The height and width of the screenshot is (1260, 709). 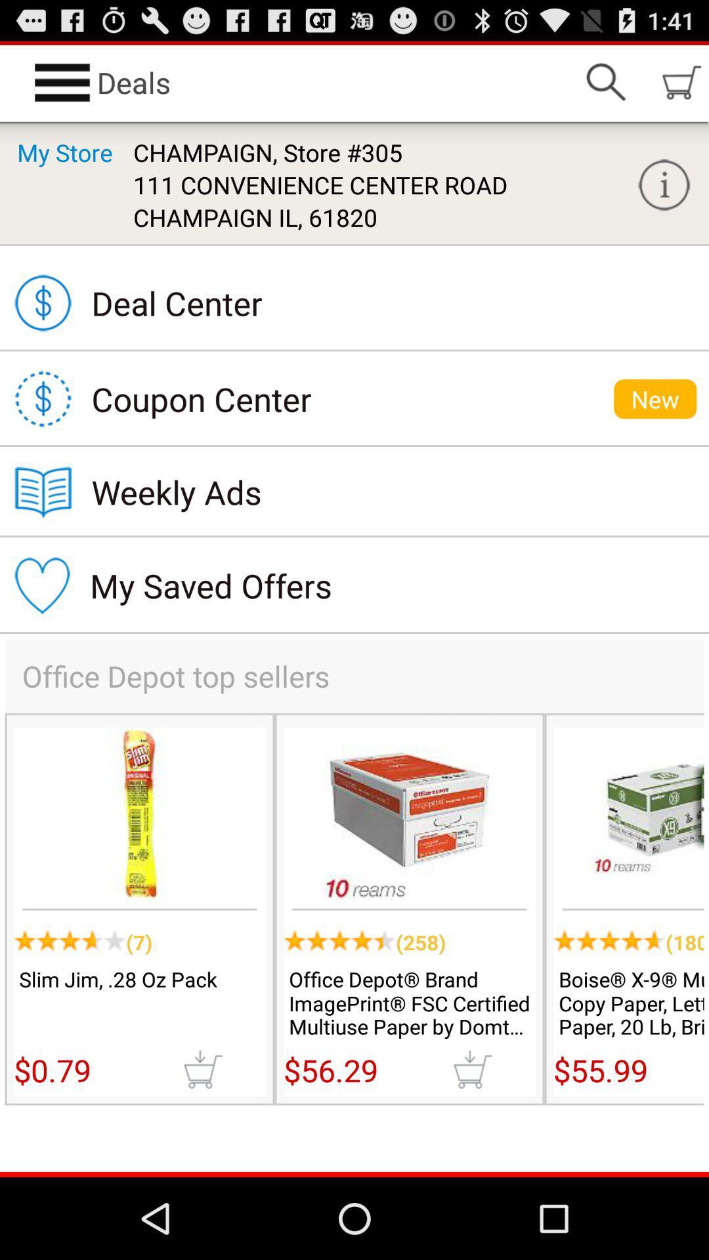 I want to click on item above the new, so click(x=664, y=184).